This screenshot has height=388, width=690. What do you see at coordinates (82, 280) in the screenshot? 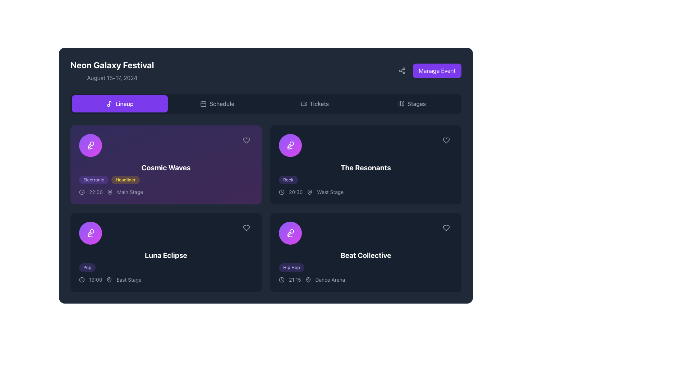
I see `the icon representing the scheduled time of the event, located to the left of '19:00' and below 'Luna Eclipse' in the event box` at bounding box center [82, 280].